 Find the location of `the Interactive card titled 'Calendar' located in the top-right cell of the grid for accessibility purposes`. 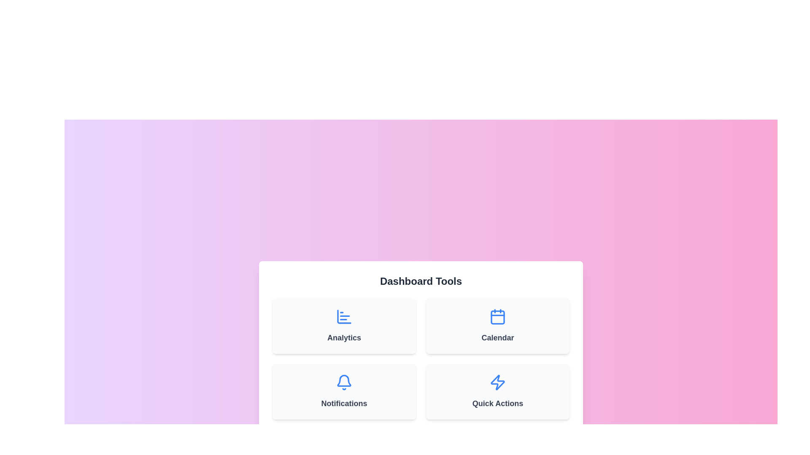

the Interactive card titled 'Calendar' located in the top-right cell of the grid for accessibility purposes is located at coordinates (498, 326).